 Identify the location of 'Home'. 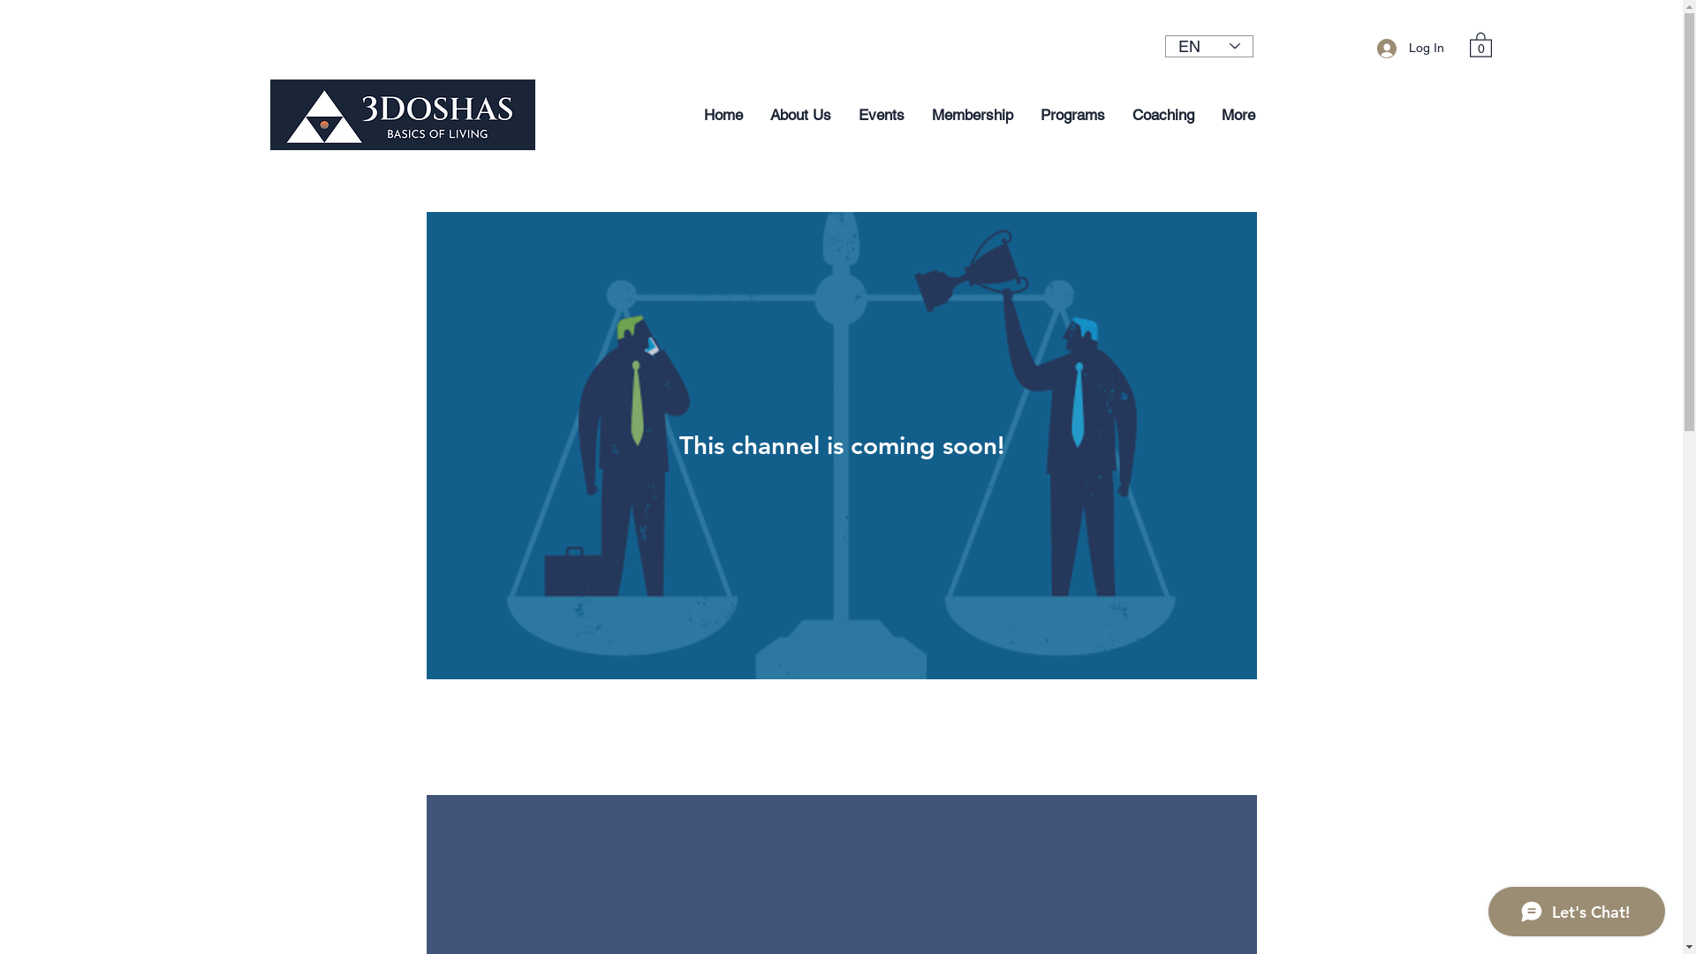
(722, 115).